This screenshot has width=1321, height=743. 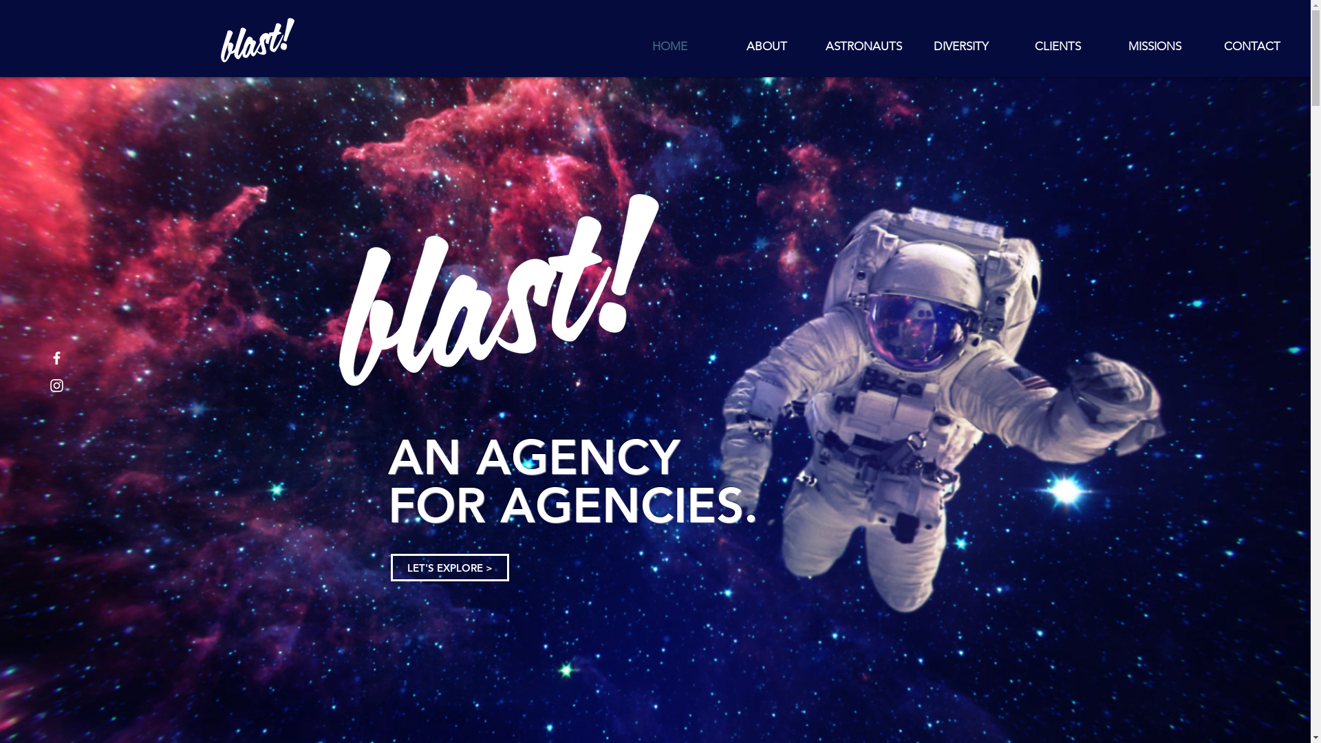 What do you see at coordinates (960, 45) in the screenshot?
I see `'DIVERSITY'` at bounding box center [960, 45].